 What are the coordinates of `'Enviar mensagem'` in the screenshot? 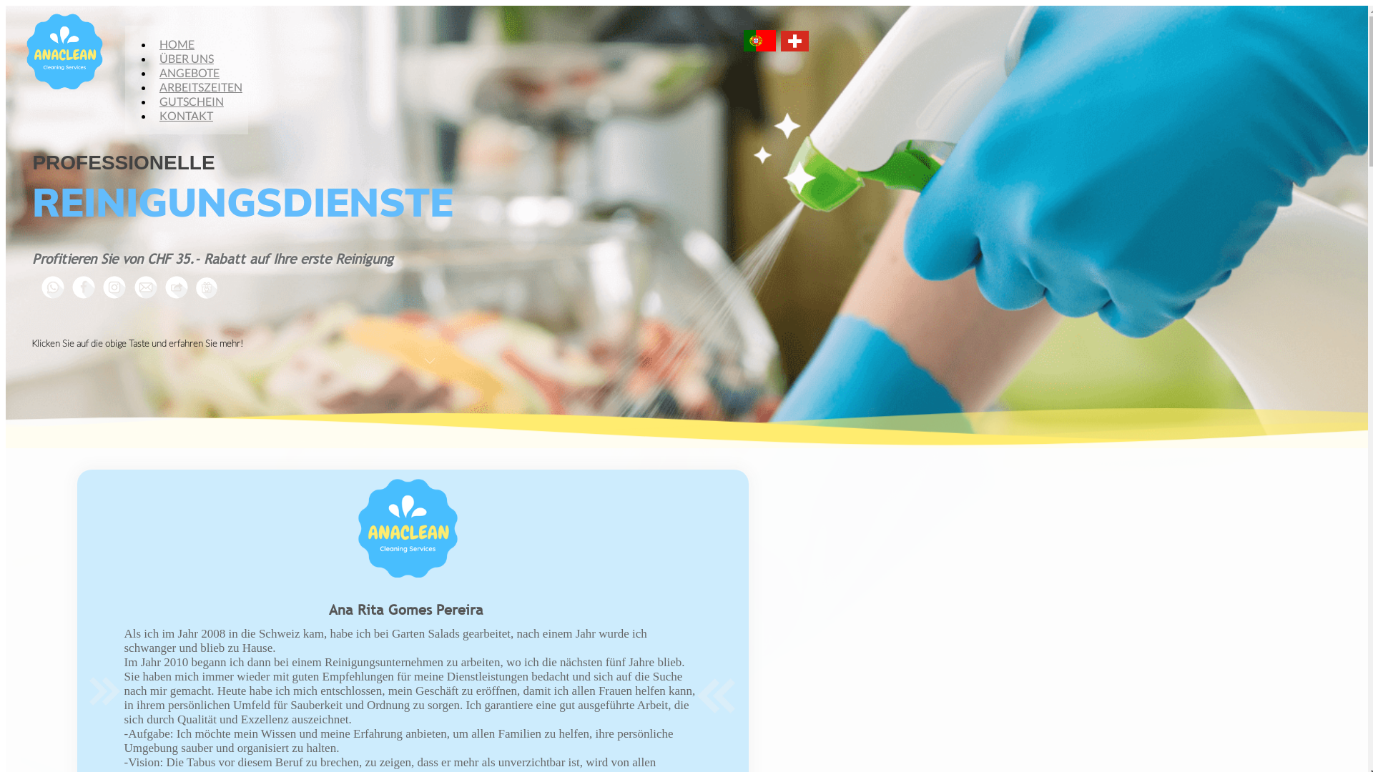 It's located at (146, 287).